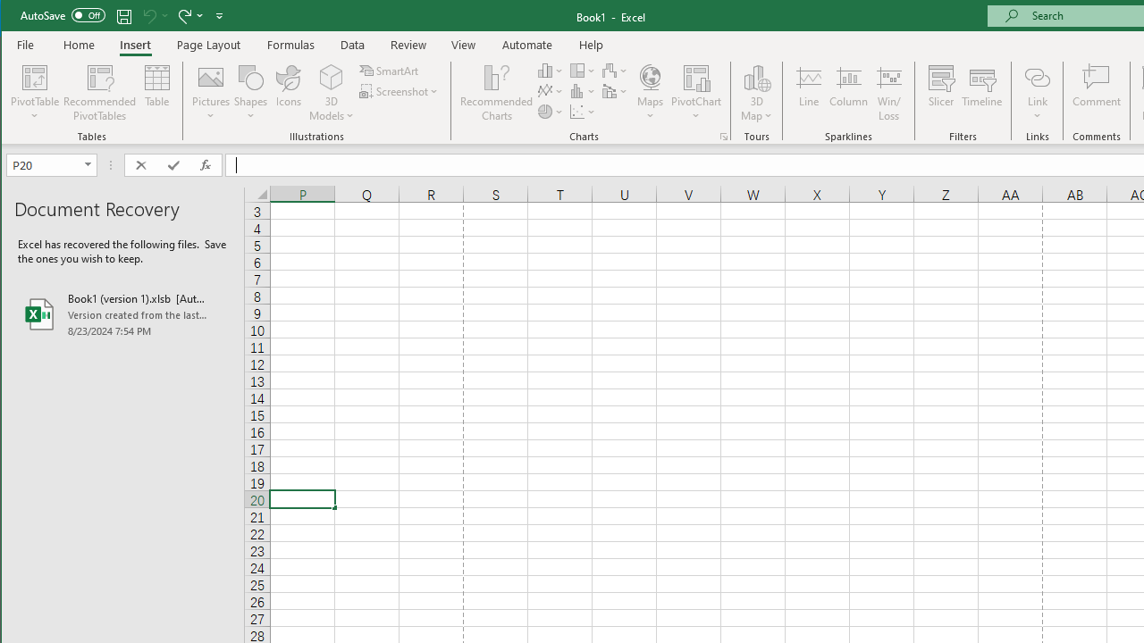 This screenshot has width=1144, height=643. I want to click on 'Timeline', so click(980, 93).